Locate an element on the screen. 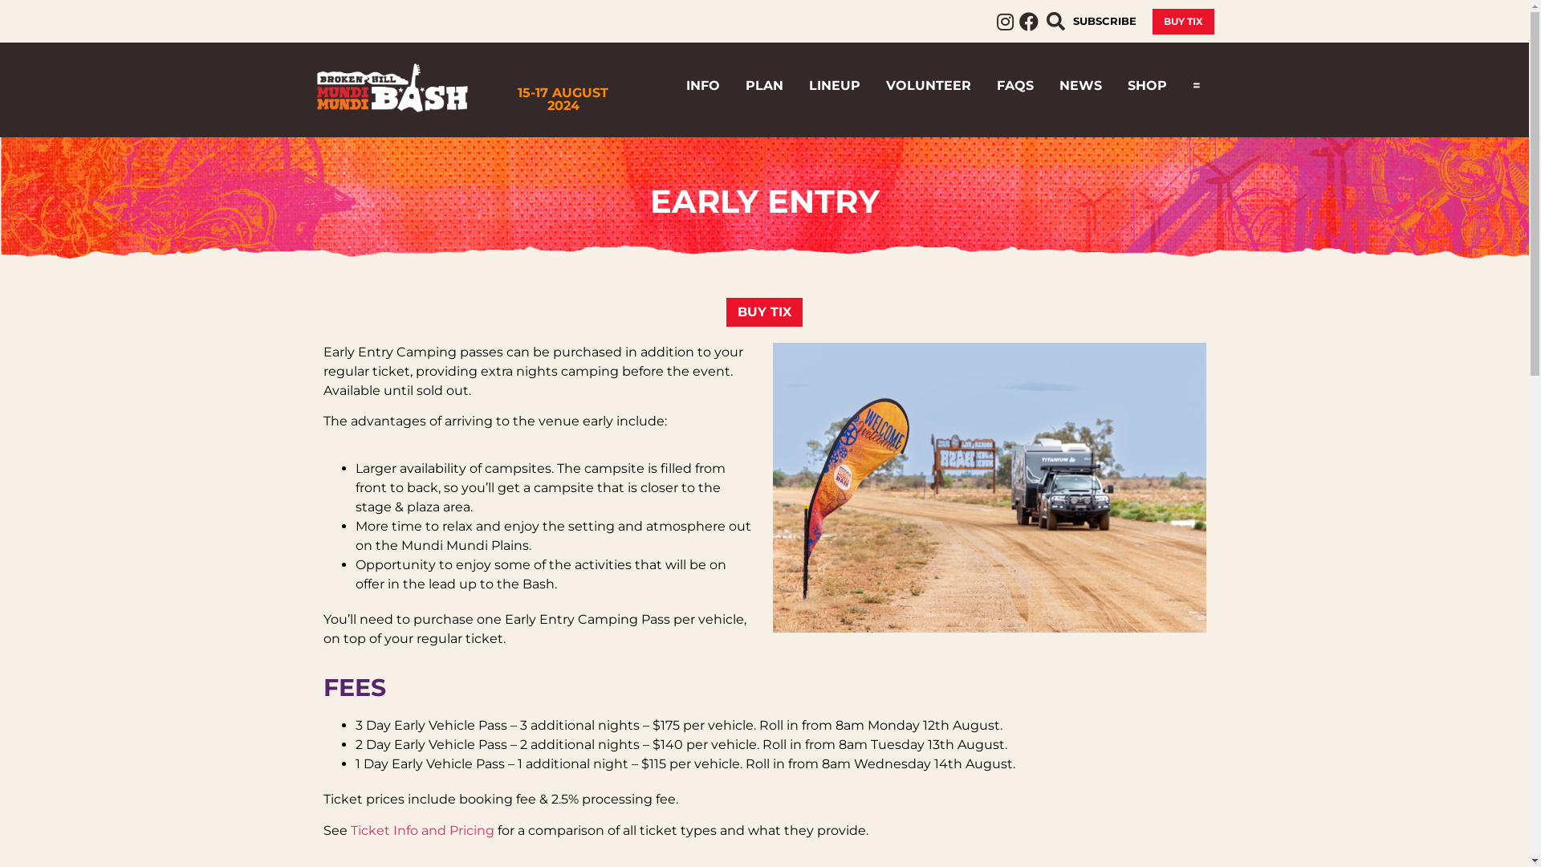  'FAQS' is located at coordinates (1014, 86).